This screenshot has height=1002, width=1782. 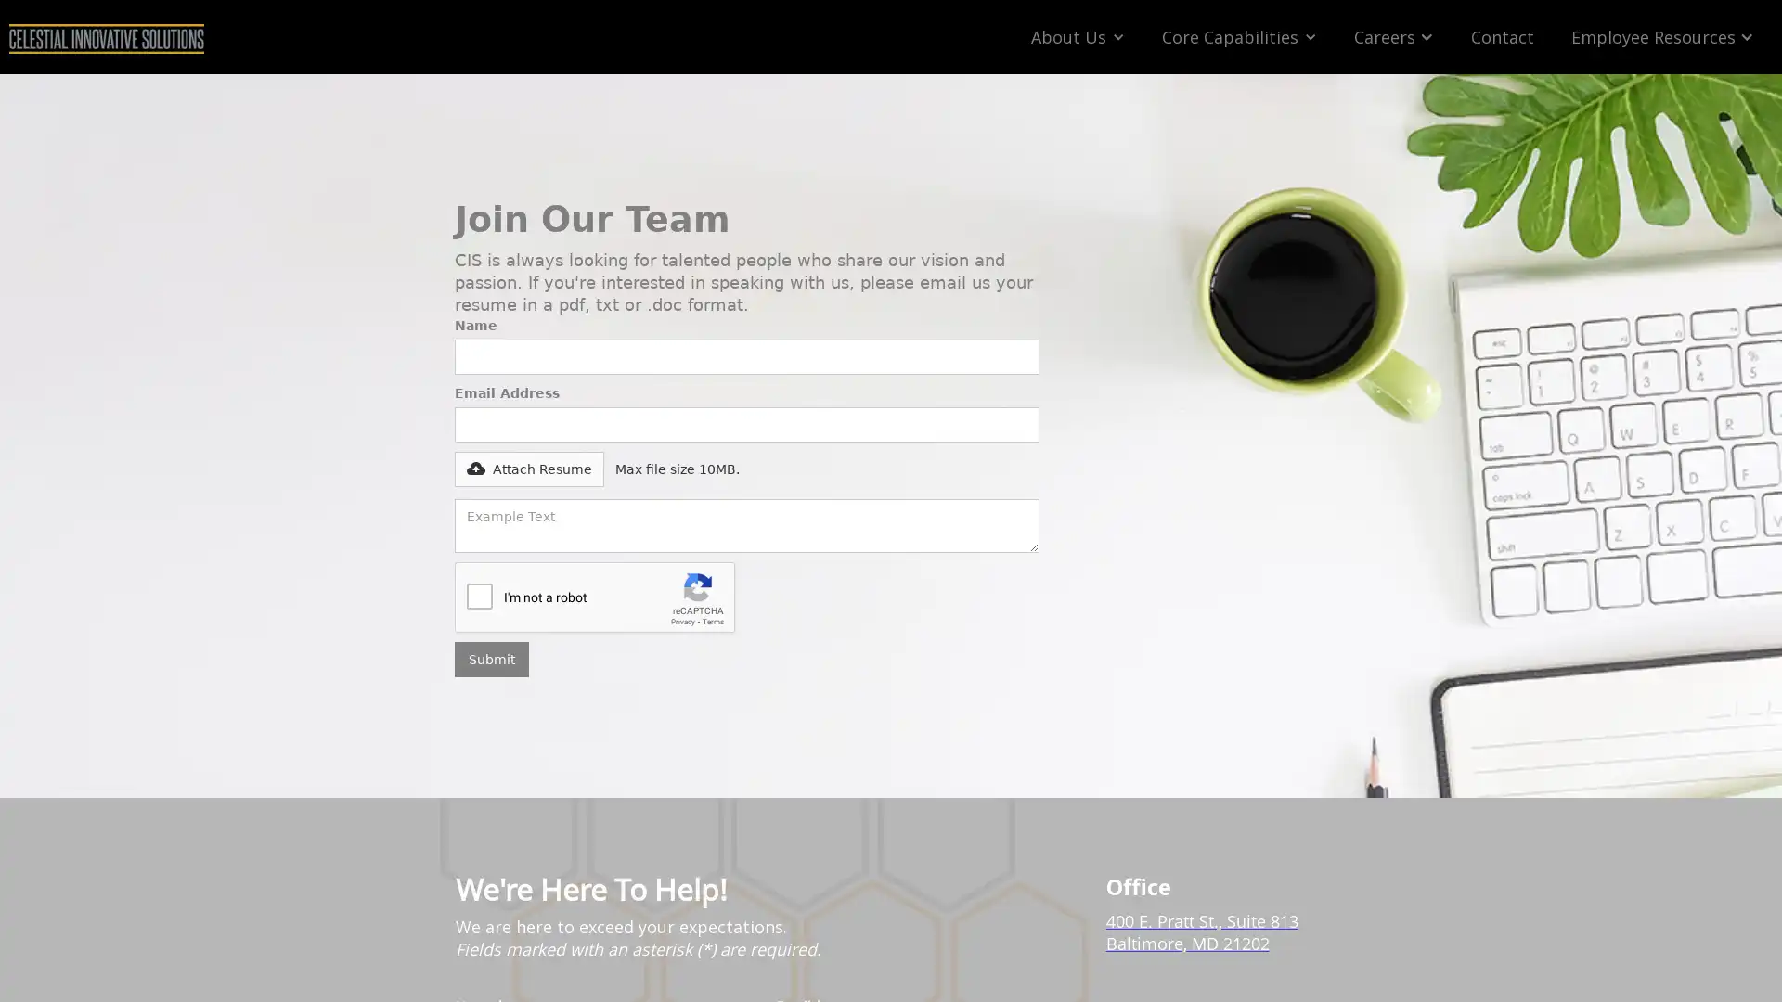 What do you see at coordinates (499, 460) in the screenshot?
I see `Choose File` at bounding box center [499, 460].